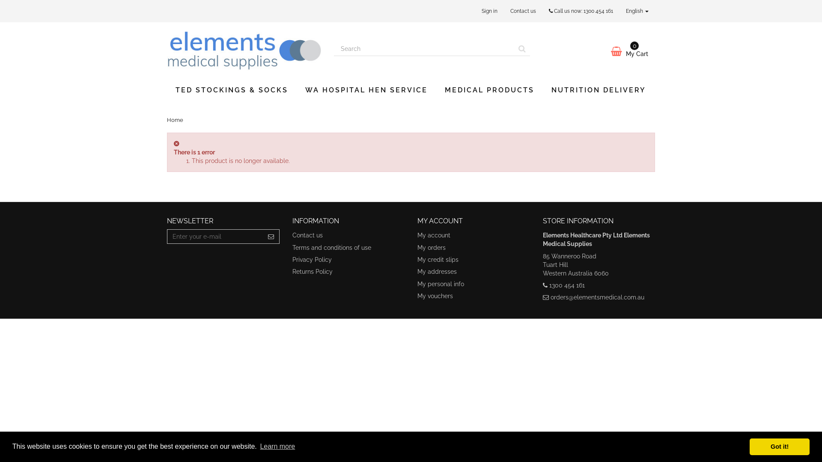  I want to click on 'Terms and conditions of use', so click(292, 247).